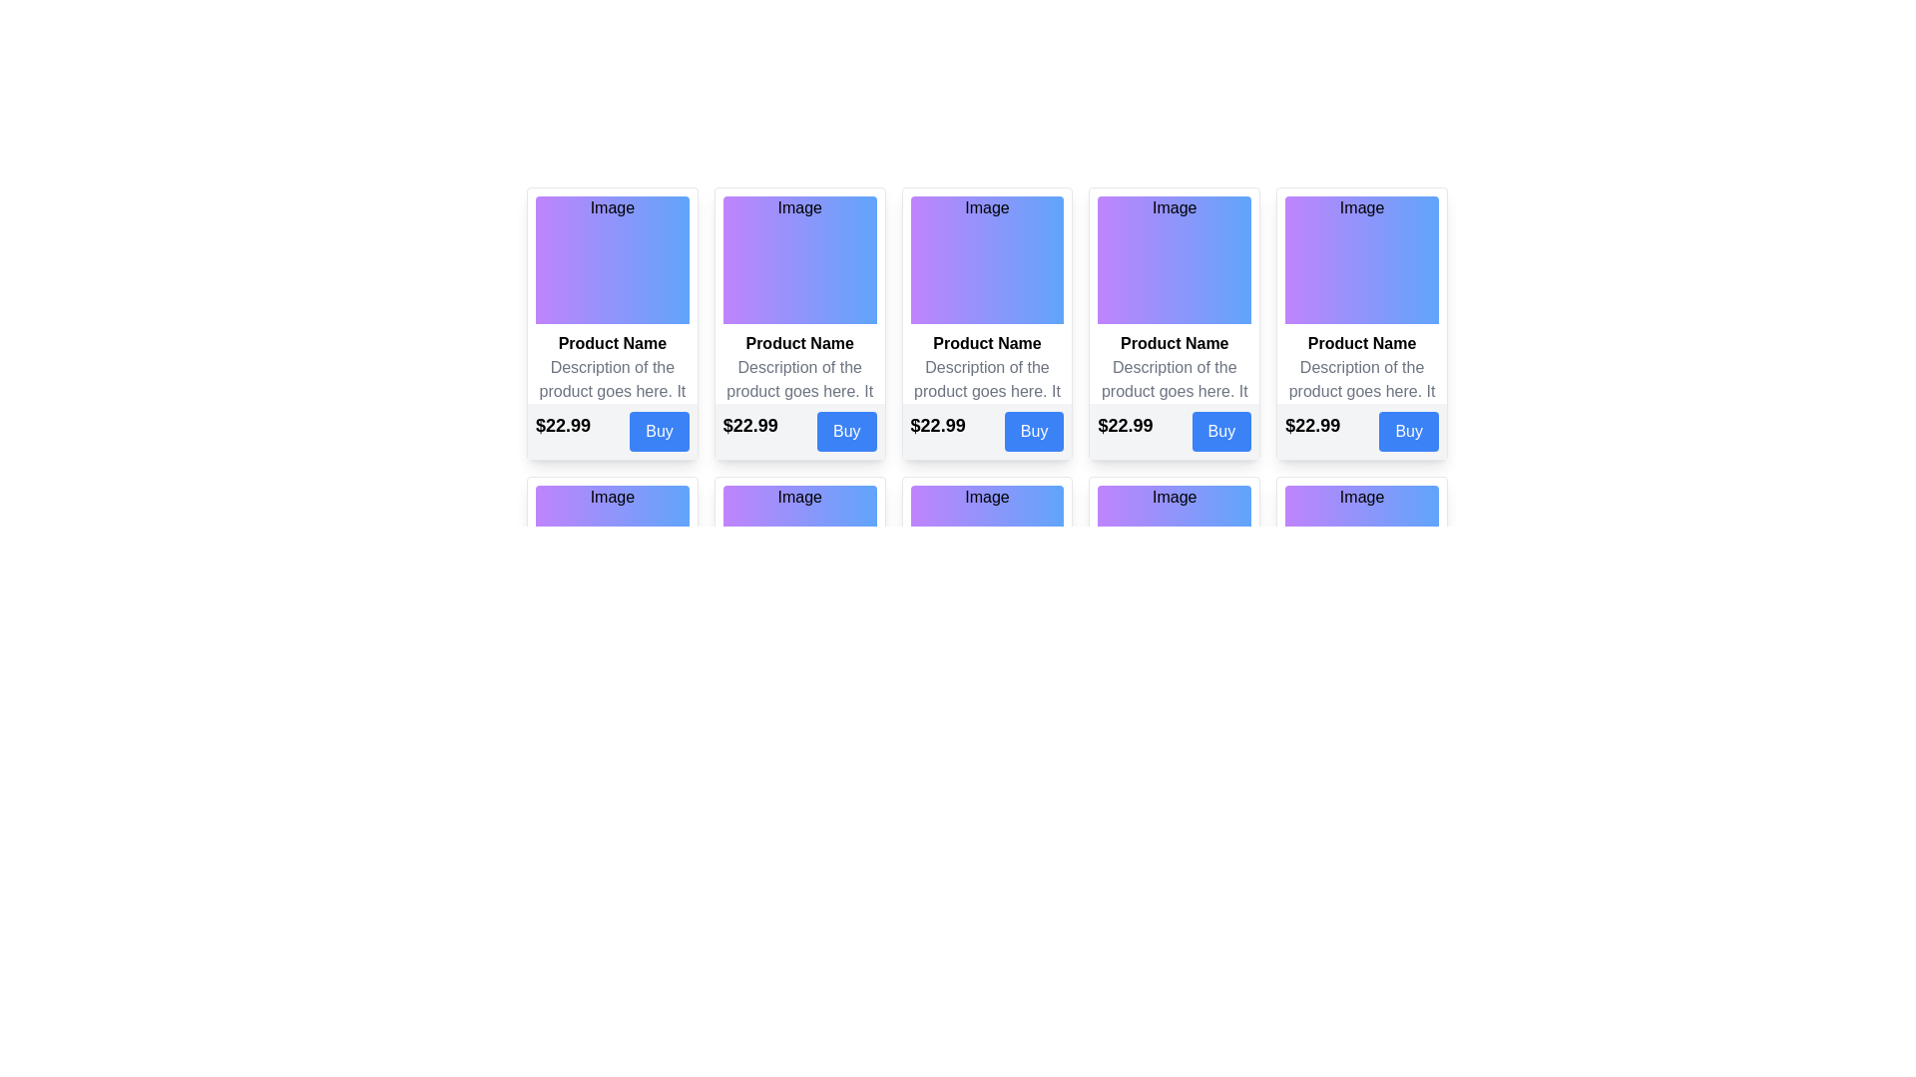 The image size is (1916, 1077). I want to click on the rectangular button with rounded corners and blue background that reads 'Buy' to change its background color, so click(1220, 430).